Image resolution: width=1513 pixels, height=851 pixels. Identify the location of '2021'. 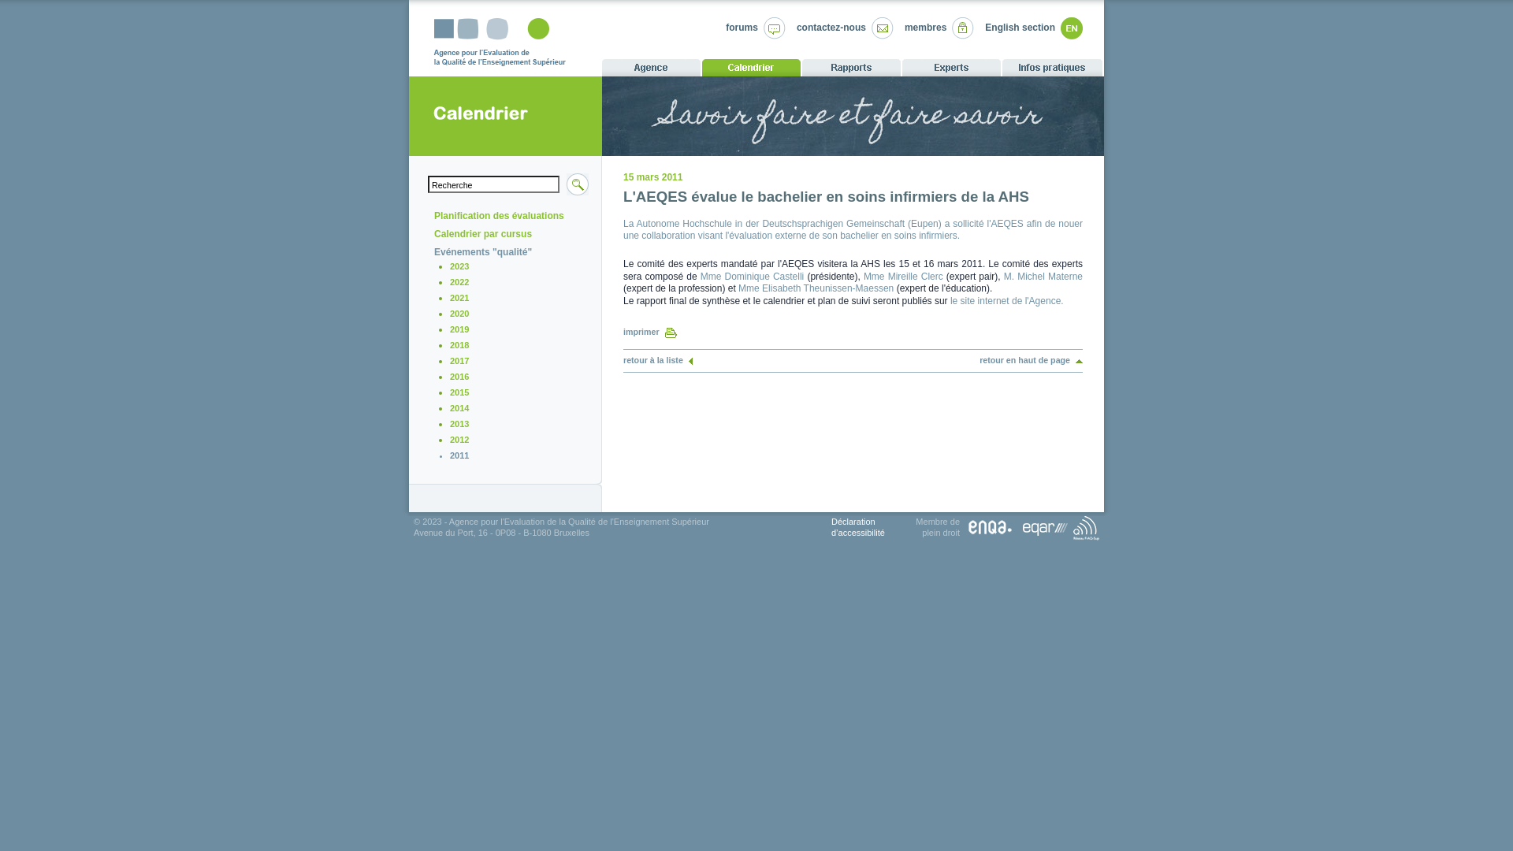
(458, 298).